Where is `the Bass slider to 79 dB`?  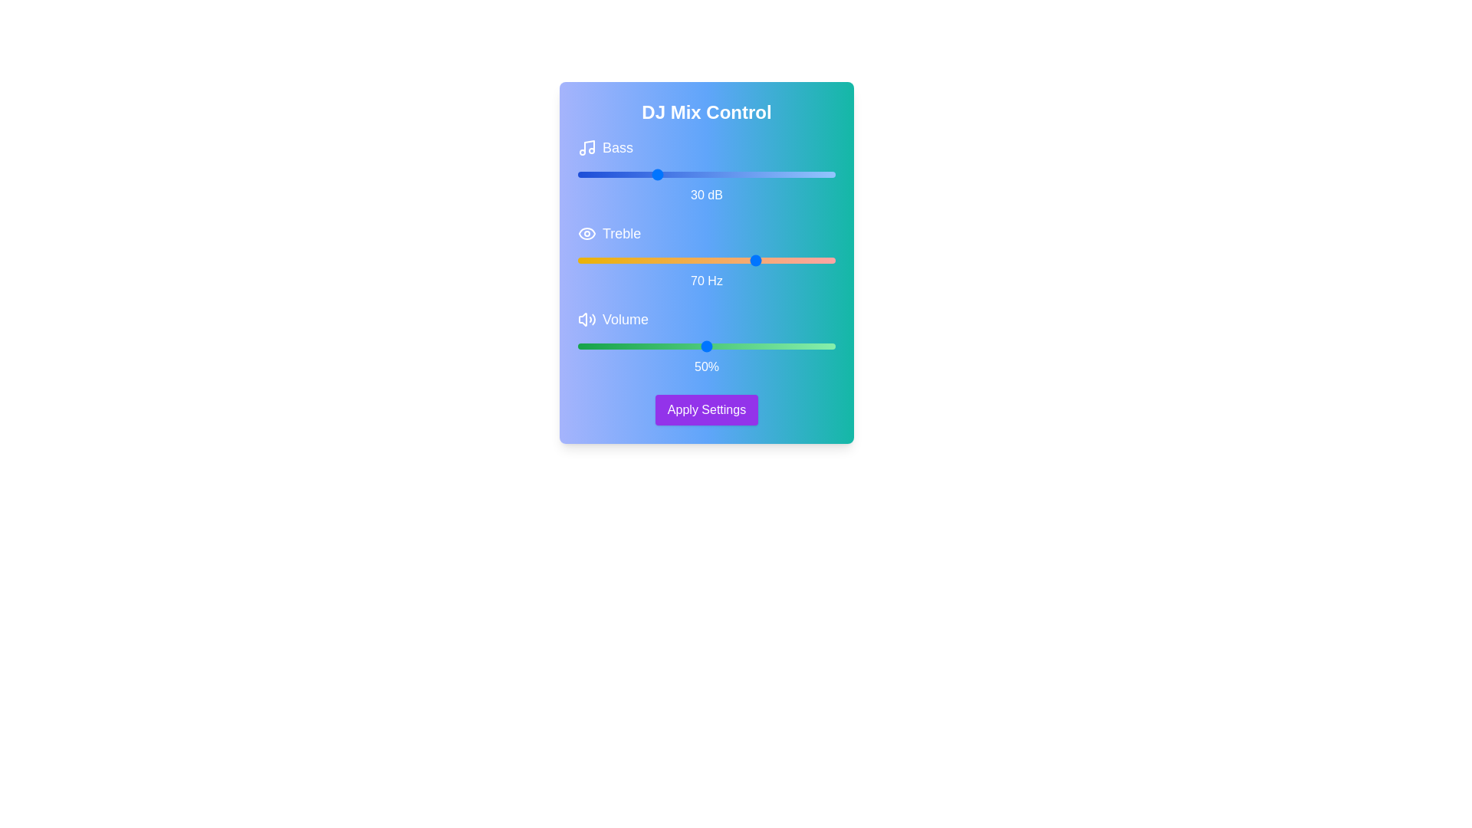
the Bass slider to 79 dB is located at coordinates (781, 173).